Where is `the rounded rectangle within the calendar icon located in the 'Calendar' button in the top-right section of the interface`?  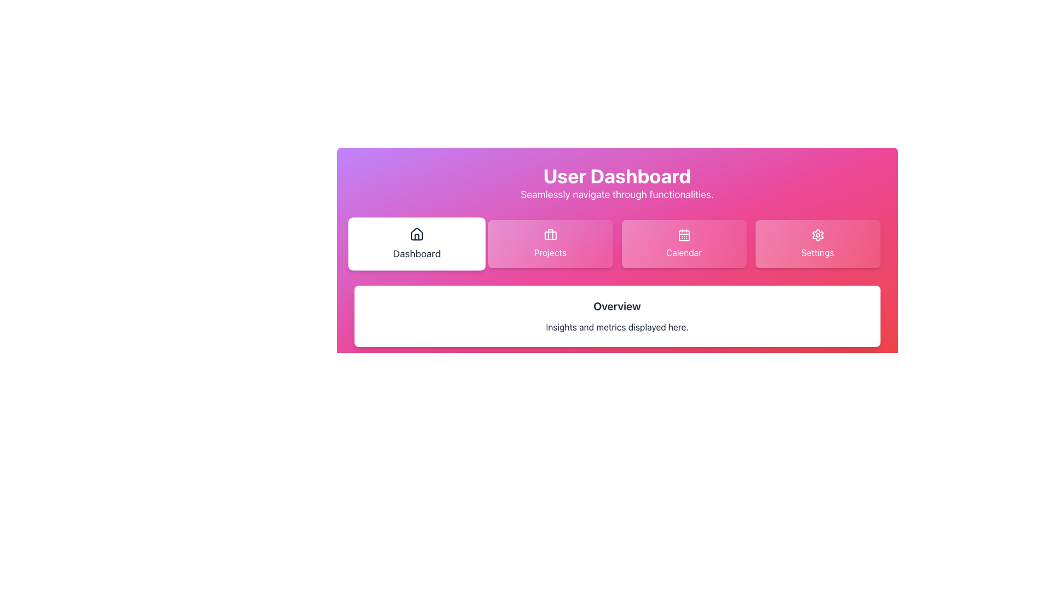
the rounded rectangle within the calendar icon located in the 'Calendar' button in the top-right section of the interface is located at coordinates (683, 235).